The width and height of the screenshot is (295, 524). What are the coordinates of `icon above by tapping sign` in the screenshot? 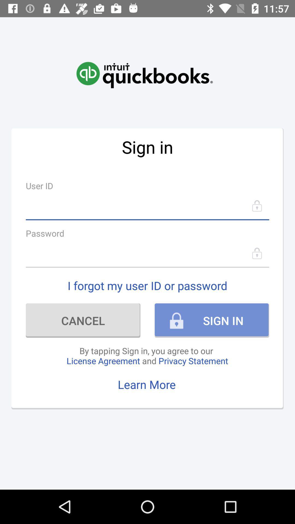 It's located at (83, 320).